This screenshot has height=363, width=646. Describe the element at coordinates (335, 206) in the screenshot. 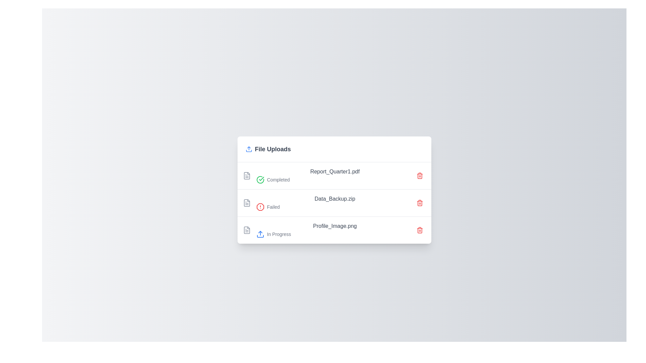

I see `the text label 'failed' which is in a small, gray, capitalized font, located in the second row of a file upload status list, adjacent to a red octagonal alert icon` at that location.